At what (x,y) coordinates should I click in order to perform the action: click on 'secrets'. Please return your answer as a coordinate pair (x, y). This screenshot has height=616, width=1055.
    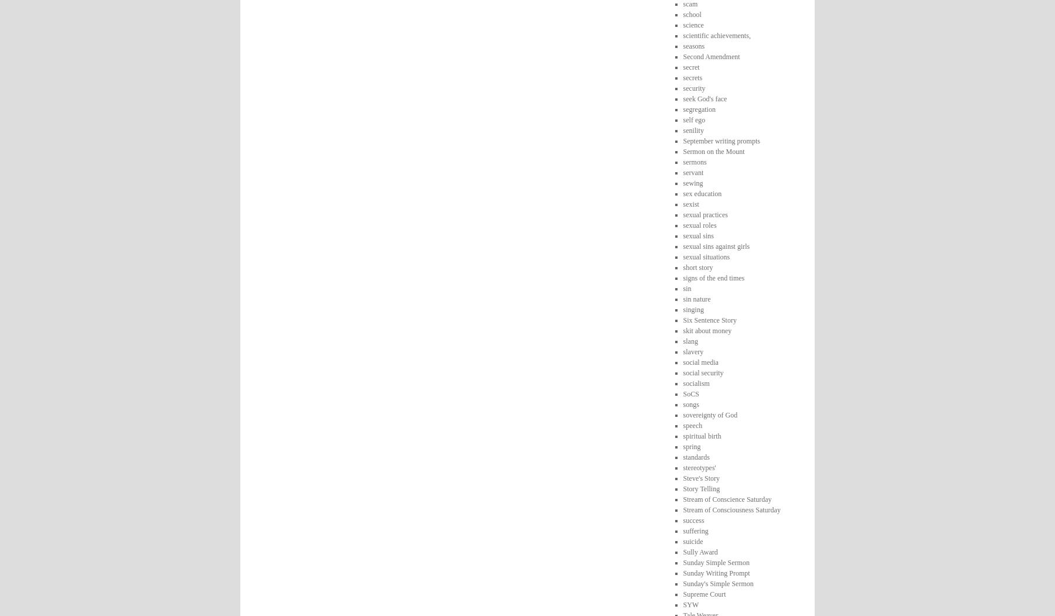
    Looking at the image, I should click on (692, 77).